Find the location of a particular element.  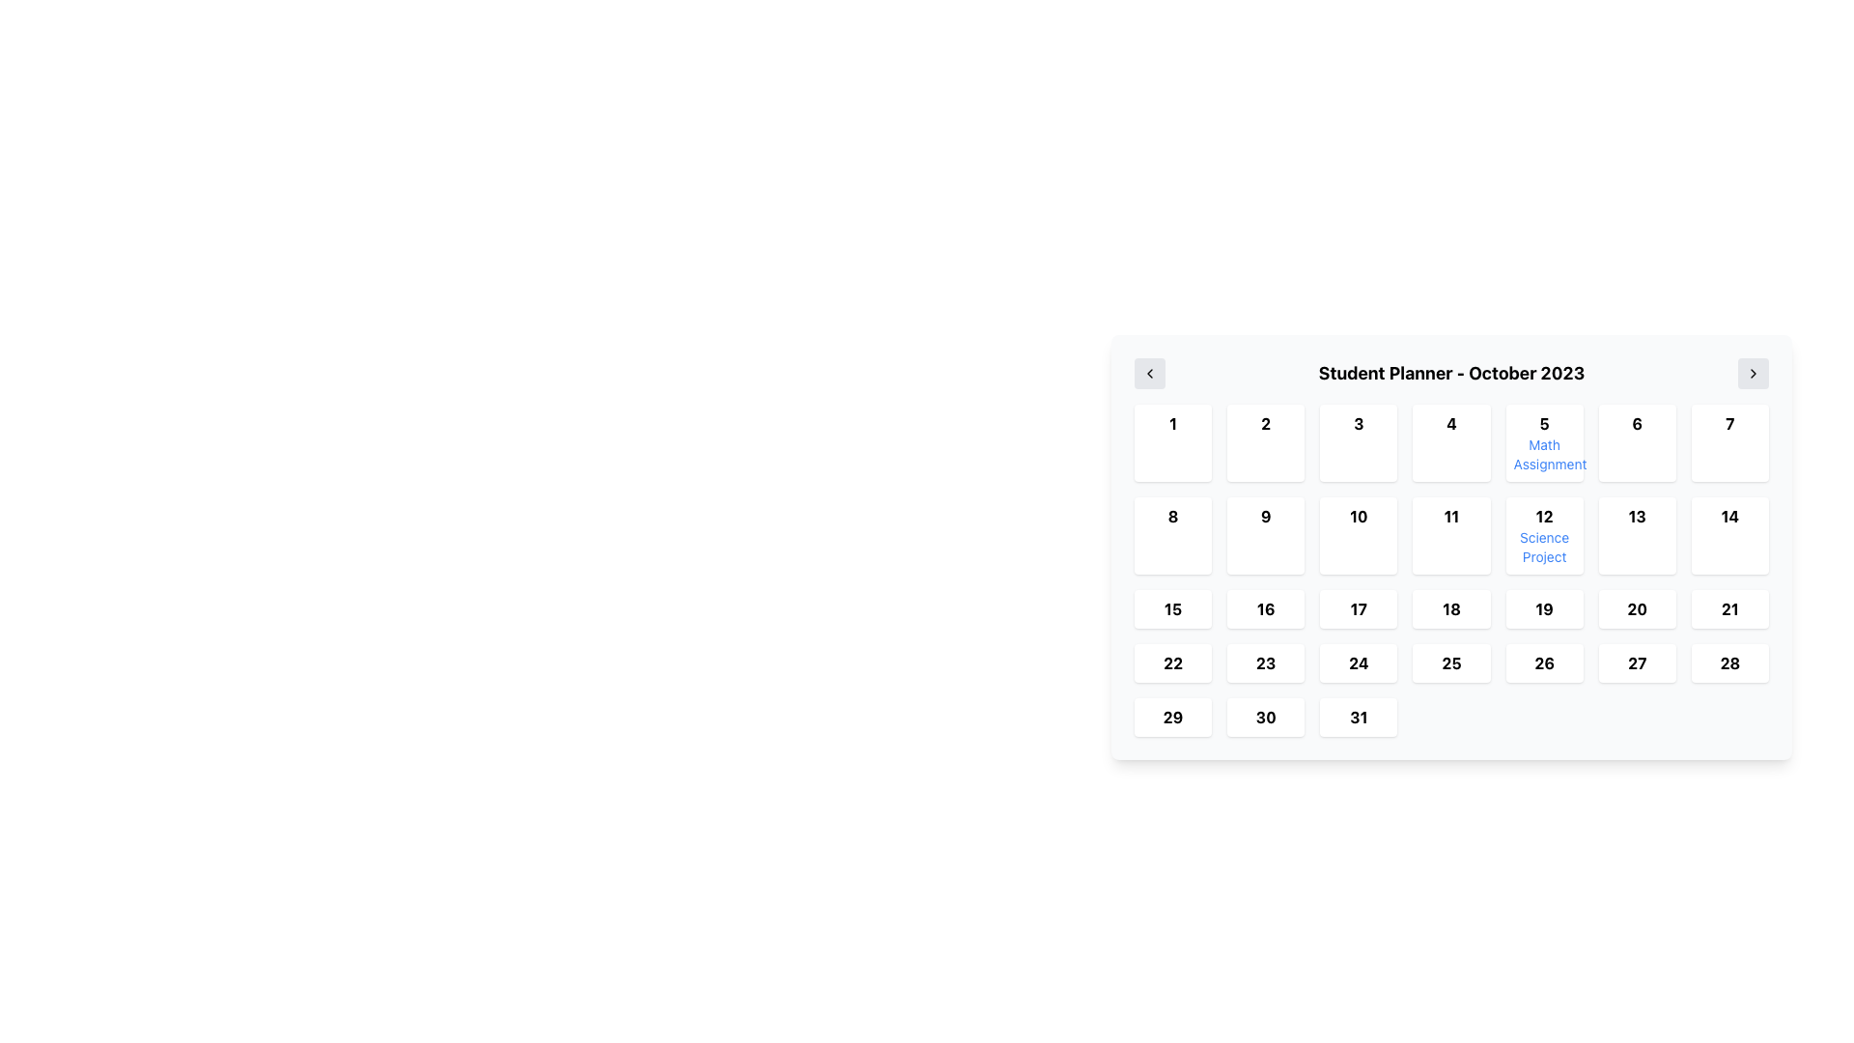

text displayed in the Text Display element that shows 'Student Planner - October 2023', positioned at the top center of the calendar interface is located at coordinates (1451, 373).